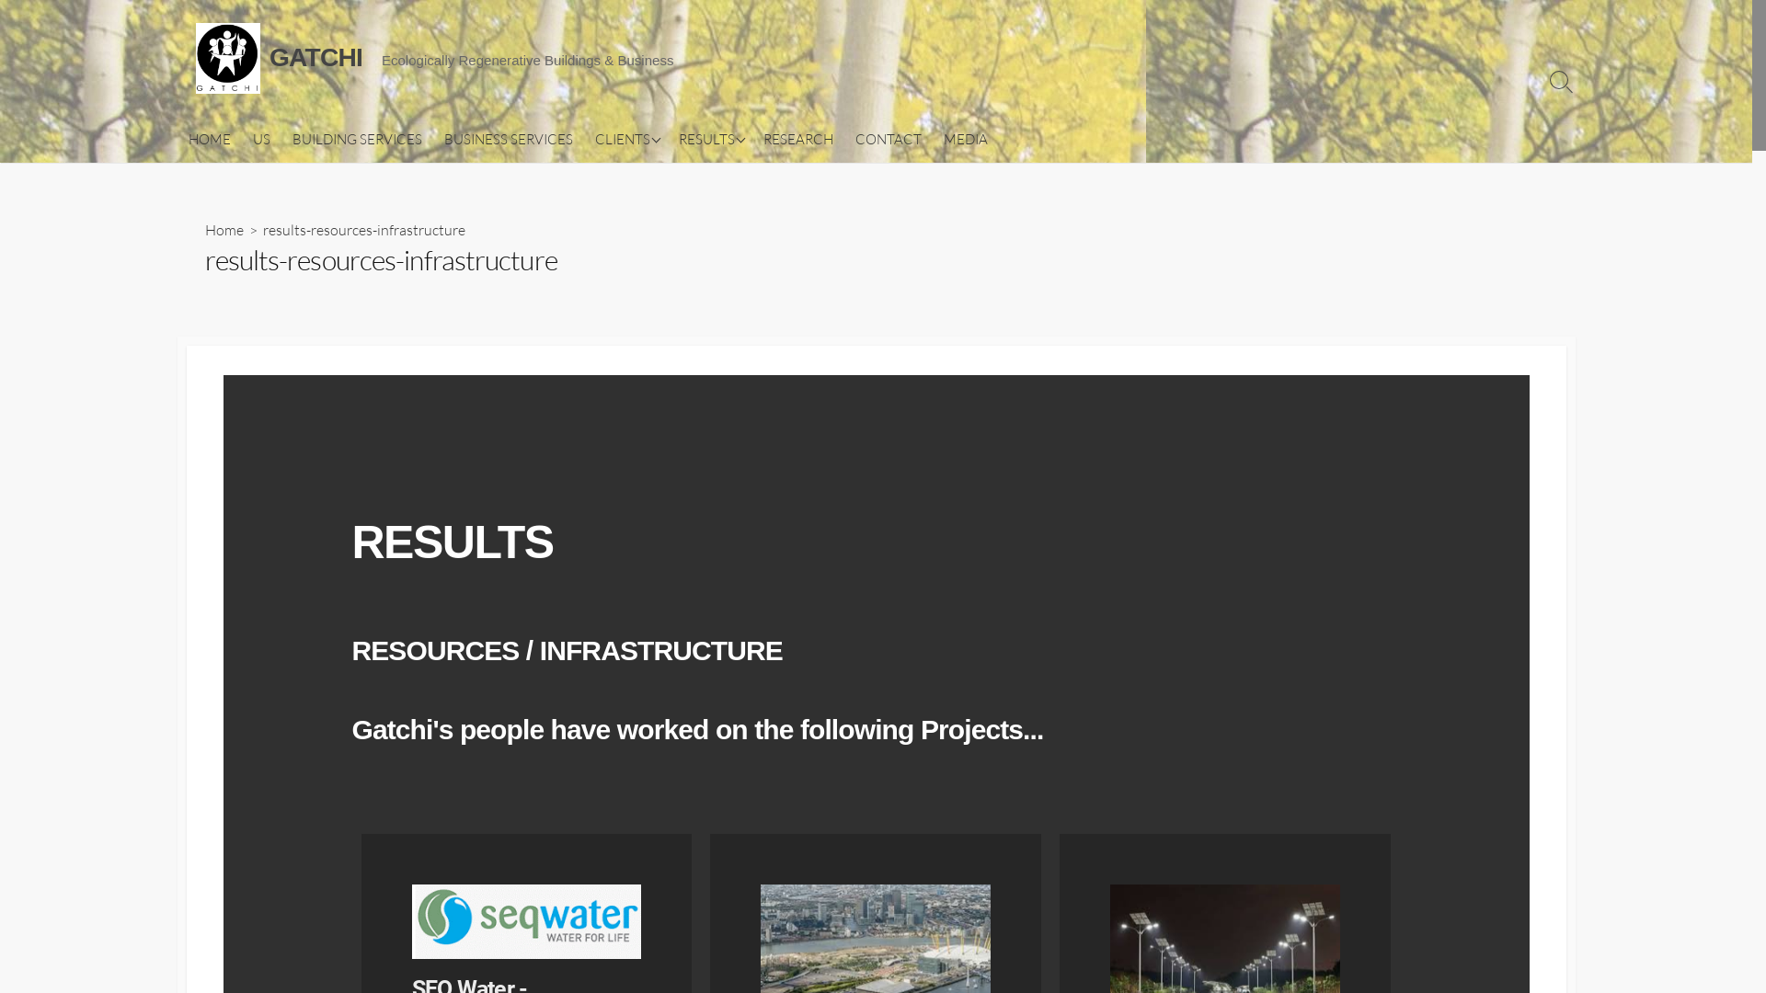 This screenshot has width=1766, height=993. I want to click on 'Developers', so click(674, 170).